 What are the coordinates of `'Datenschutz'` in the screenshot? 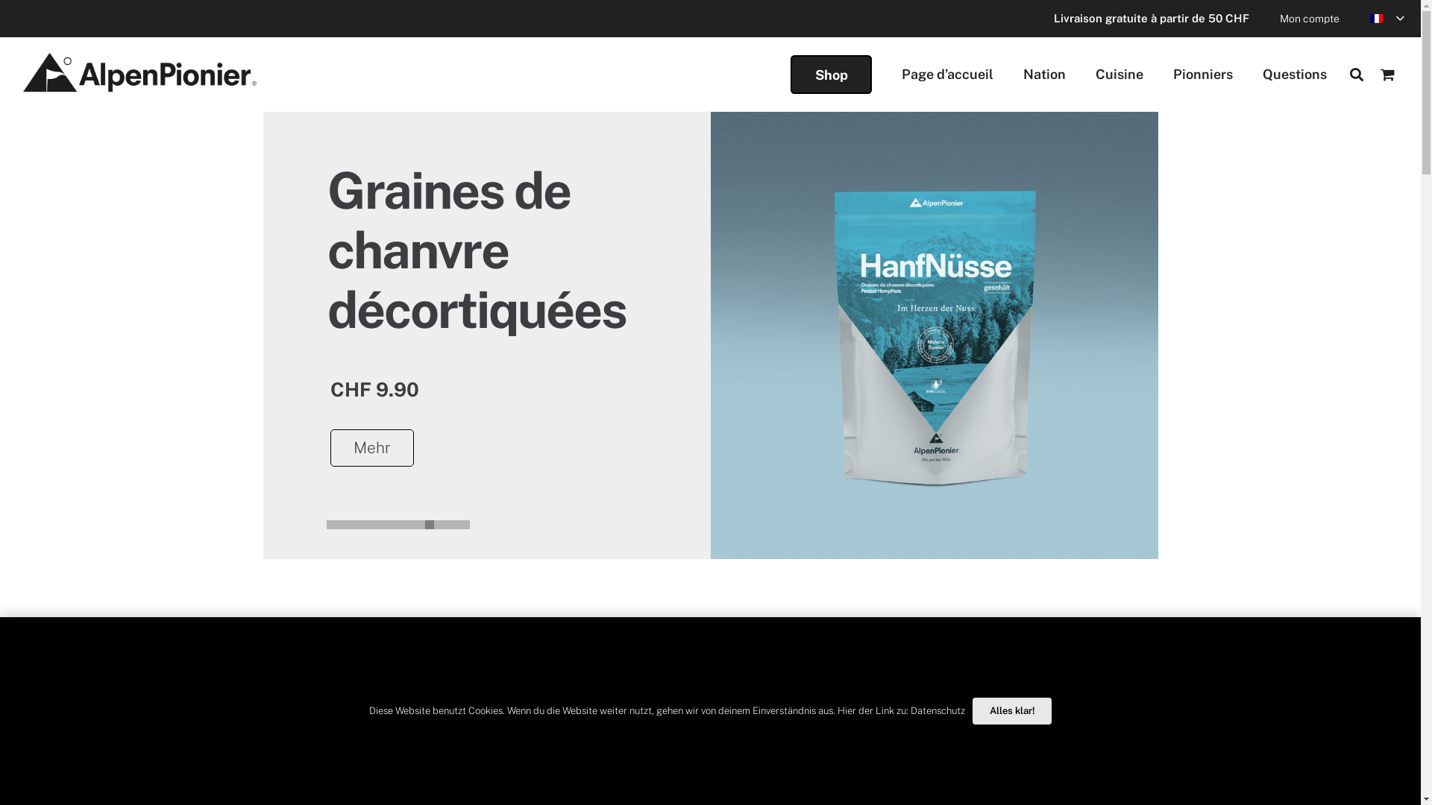 It's located at (937, 710).